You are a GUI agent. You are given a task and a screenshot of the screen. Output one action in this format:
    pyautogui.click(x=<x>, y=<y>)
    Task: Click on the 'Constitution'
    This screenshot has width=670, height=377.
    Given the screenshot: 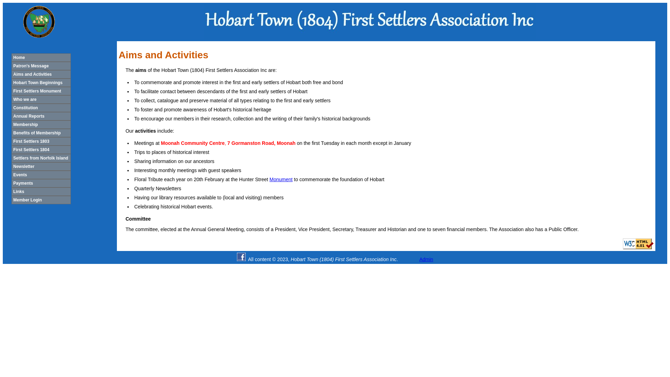 What is the action you would take?
    pyautogui.click(x=41, y=108)
    